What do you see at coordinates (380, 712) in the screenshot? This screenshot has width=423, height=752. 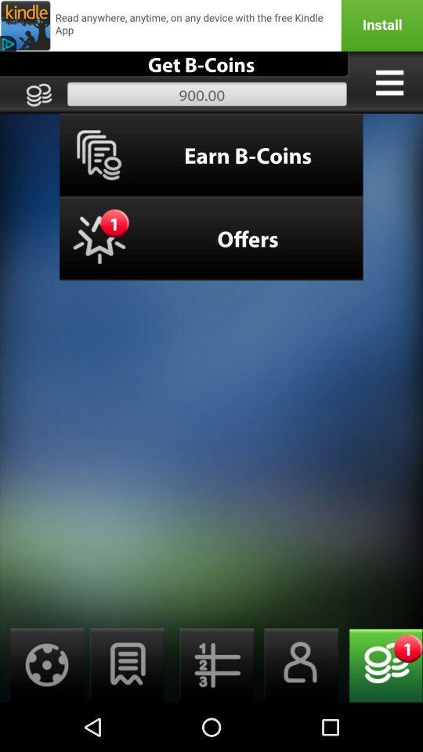 I see `the emoji icon` at bounding box center [380, 712].